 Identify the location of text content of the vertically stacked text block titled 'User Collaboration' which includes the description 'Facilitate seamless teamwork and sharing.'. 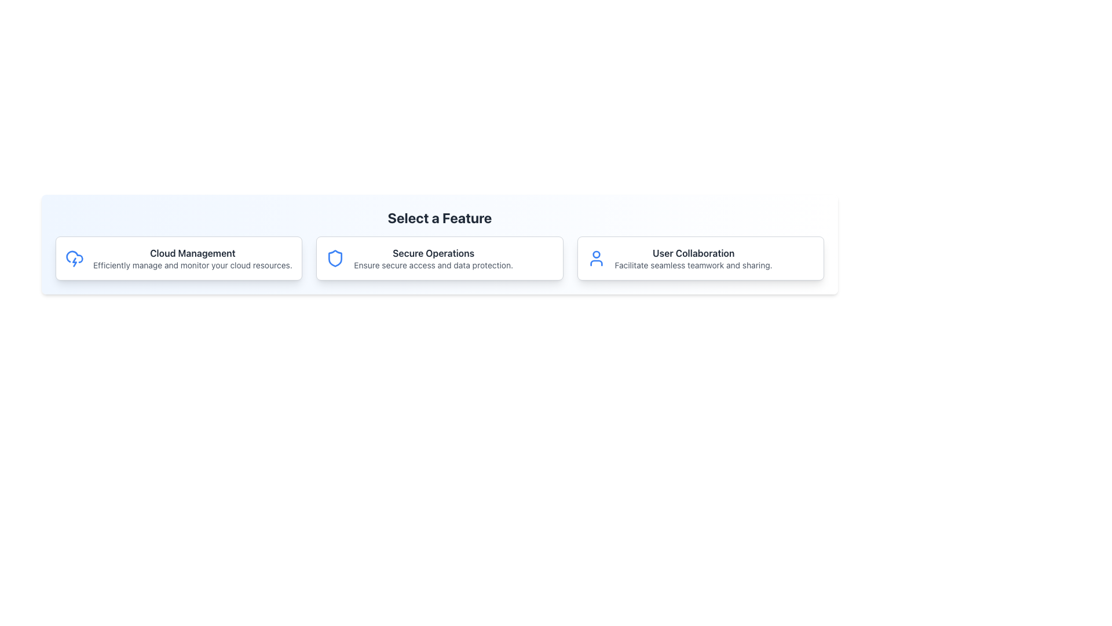
(693, 257).